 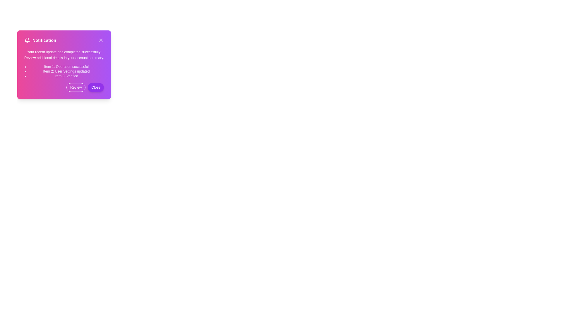 I want to click on the 'Notification' section in the header, which includes a bell icon and bold text on a gradient purple background, so click(x=40, y=40).